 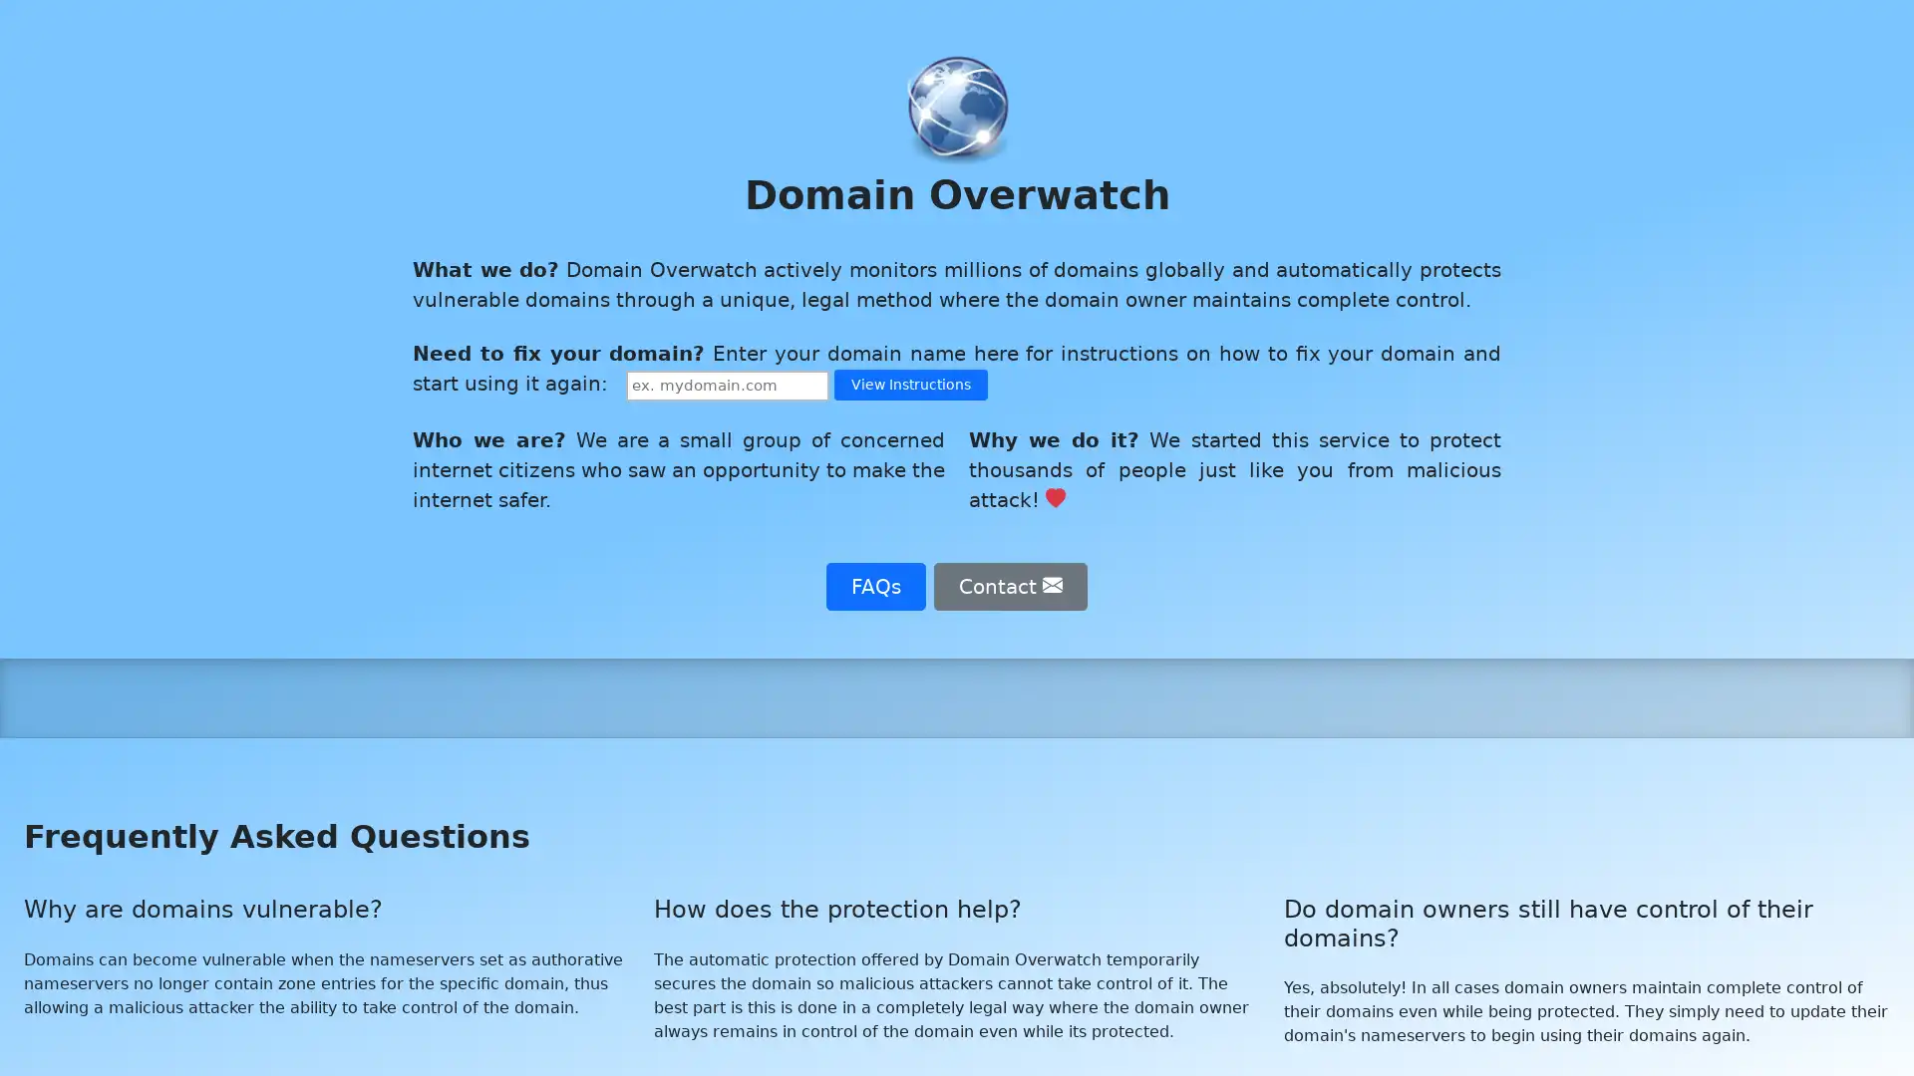 What do you see at coordinates (875, 584) in the screenshot?
I see `FAQs` at bounding box center [875, 584].